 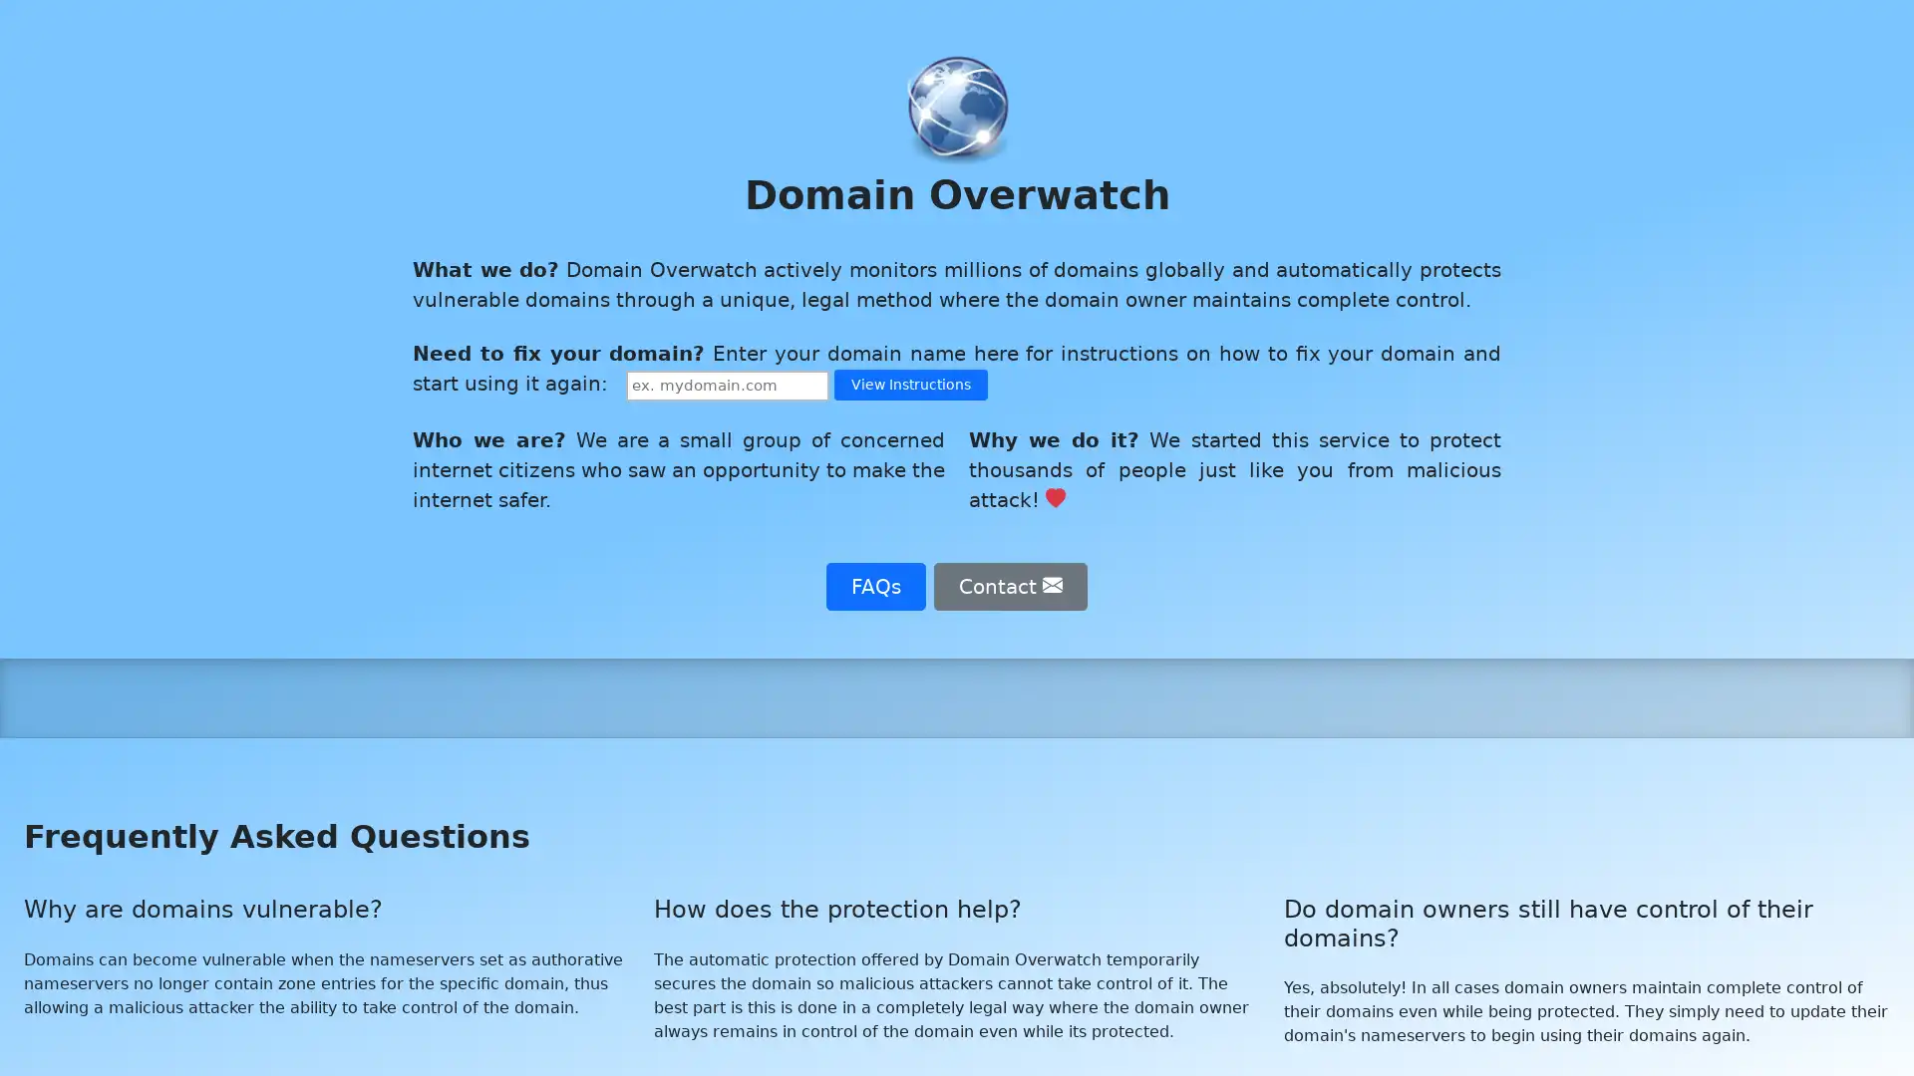 What do you see at coordinates (875, 584) in the screenshot?
I see `FAQs` at bounding box center [875, 584].